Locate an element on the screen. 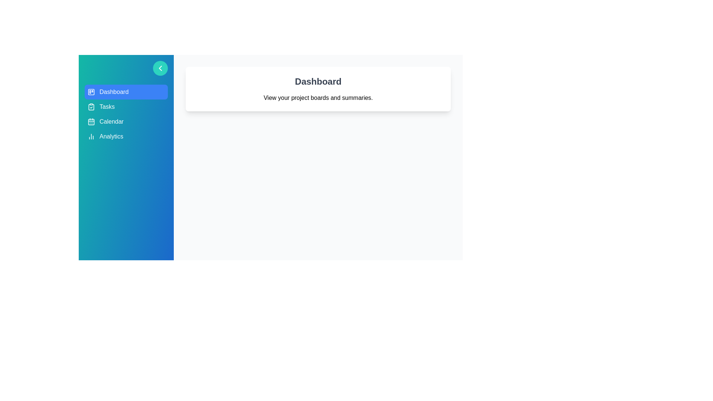  the third item in the Sidebar menu which navigates to the Calendar section is located at coordinates (126, 121).